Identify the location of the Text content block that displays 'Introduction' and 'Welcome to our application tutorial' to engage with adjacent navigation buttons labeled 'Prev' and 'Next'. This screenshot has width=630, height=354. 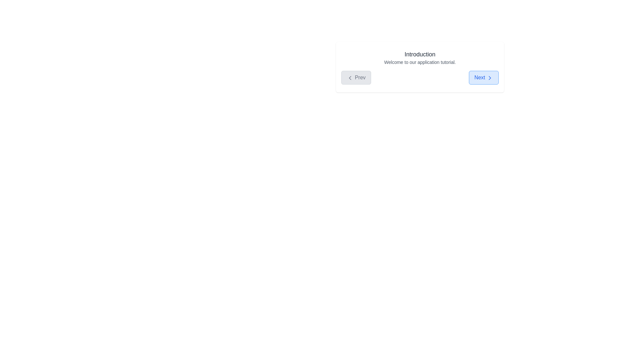
(420, 57).